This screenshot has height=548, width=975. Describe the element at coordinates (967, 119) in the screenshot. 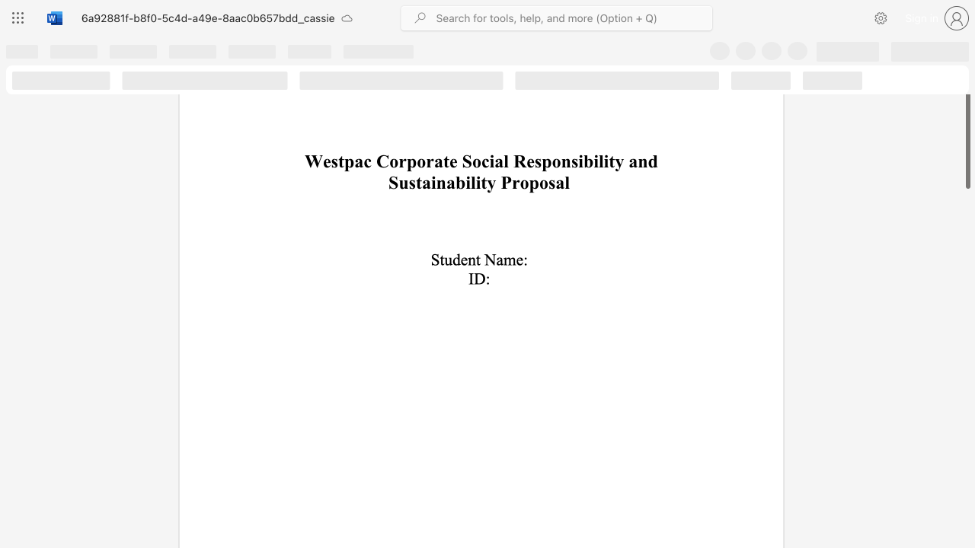

I see `the scrollbar and move down 1040 pixels` at that location.